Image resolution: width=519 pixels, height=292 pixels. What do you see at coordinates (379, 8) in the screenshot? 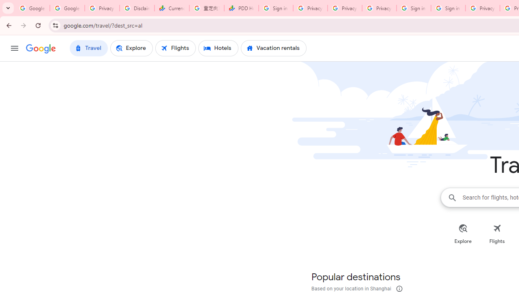
I see `'Privacy Checkup'` at bounding box center [379, 8].